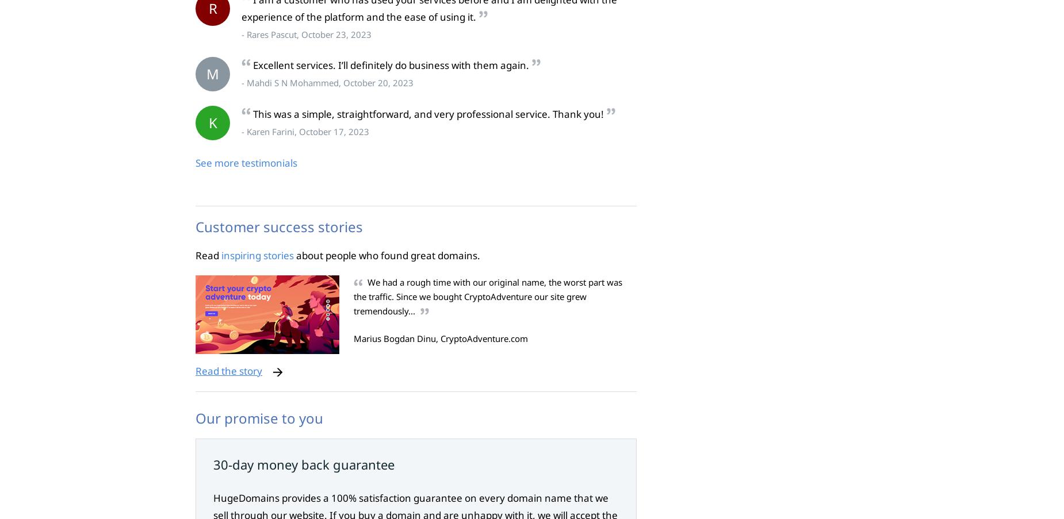  What do you see at coordinates (279, 225) in the screenshot?
I see `'Customer success stories'` at bounding box center [279, 225].